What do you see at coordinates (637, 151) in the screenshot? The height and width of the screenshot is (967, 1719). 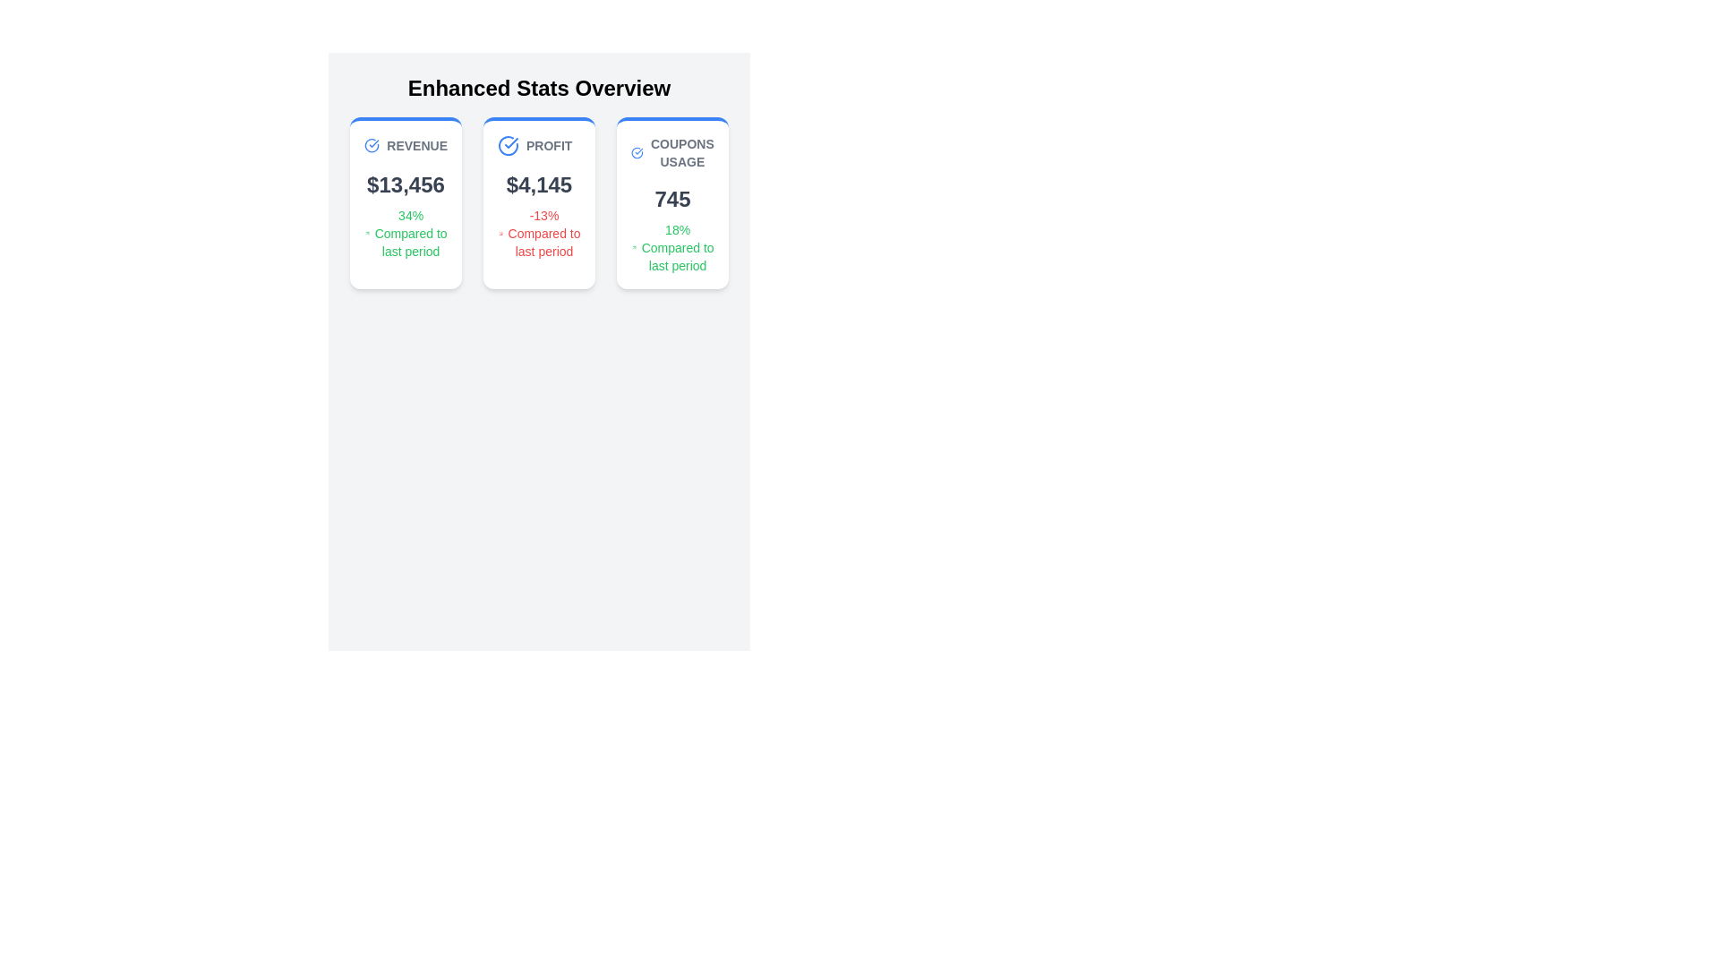 I see `the success icon indicating completion related to the 'Coupons Usage' metric, located in the top-right card of the interface` at bounding box center [637, 151].